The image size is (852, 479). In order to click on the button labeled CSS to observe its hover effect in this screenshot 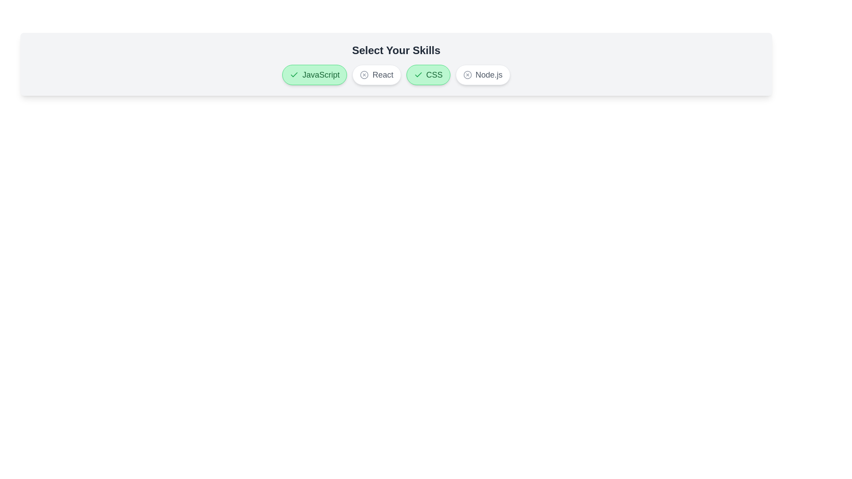, I will do `click(428, 75)`.